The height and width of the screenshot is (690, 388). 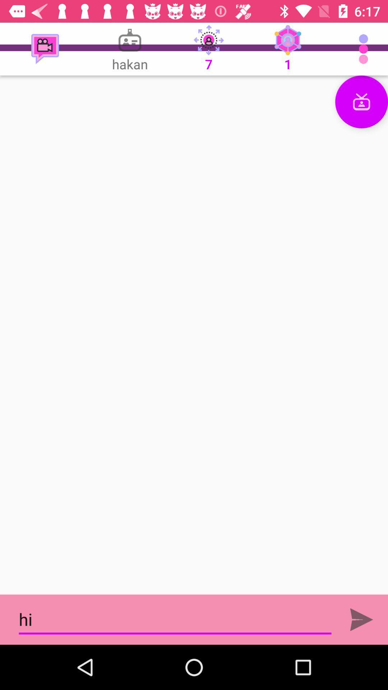 I want to click on bel button, so click(x=361, y=619).